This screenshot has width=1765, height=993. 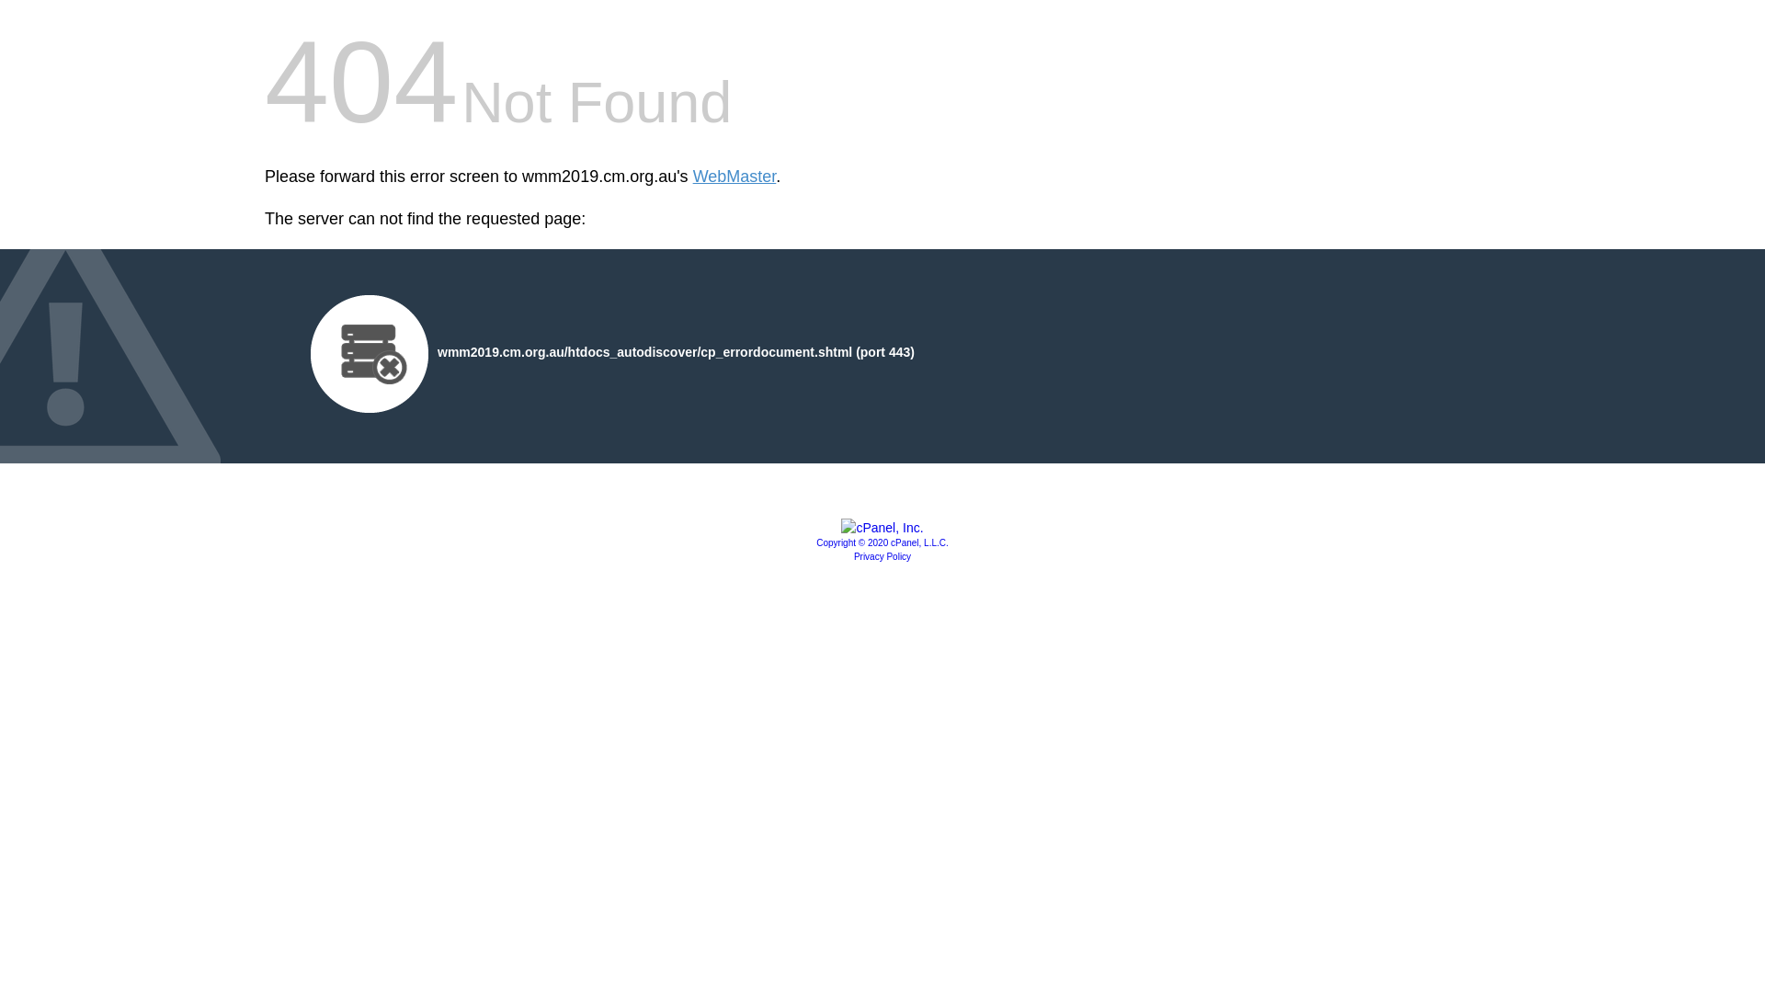 What do you see at coordinates (881, 528) in the screenshot?
I see `'cPanel, Inc.'` at bounding box center [881, 528].